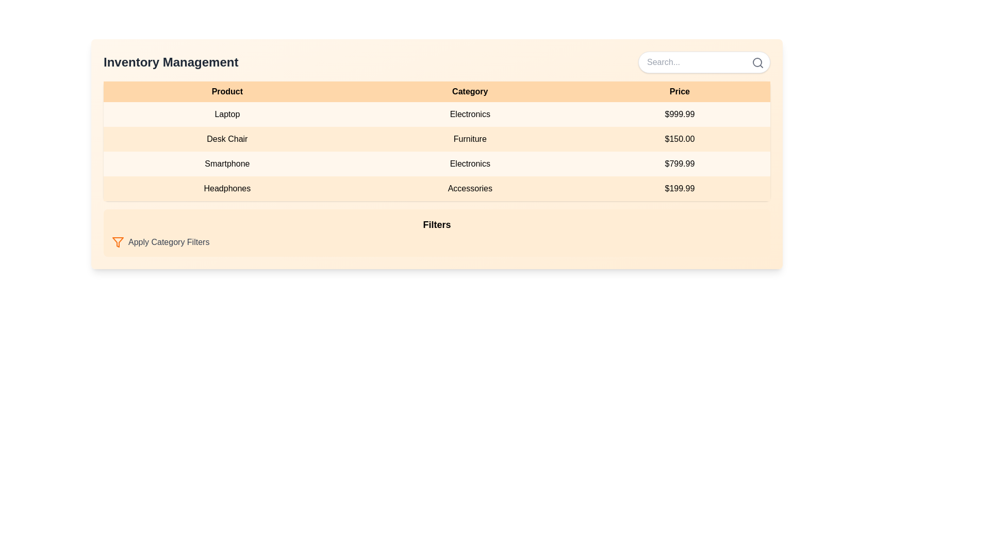  I want to click on the static text element that provides category information for the associated product, located in the second column of the second row under the 'Category' column header, so click(469, 139).